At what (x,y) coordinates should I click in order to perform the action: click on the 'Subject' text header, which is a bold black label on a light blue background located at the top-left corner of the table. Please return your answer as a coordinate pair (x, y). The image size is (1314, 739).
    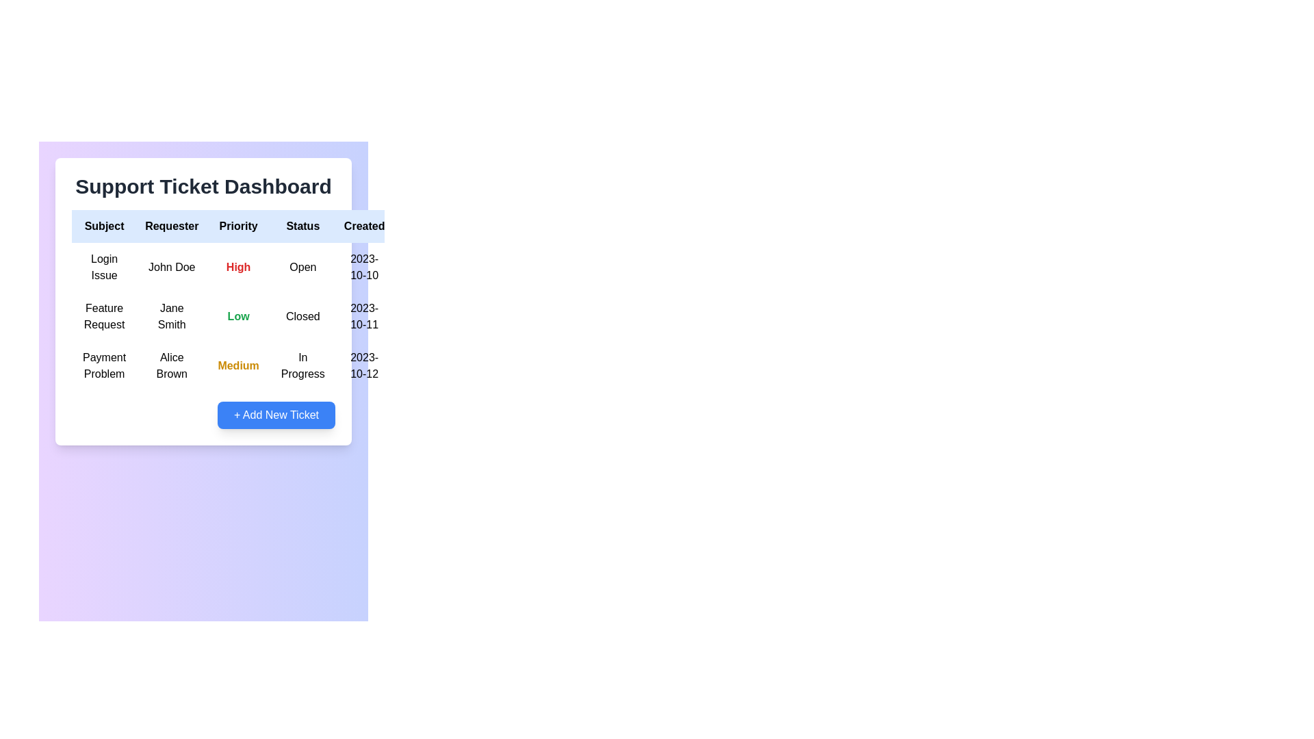
    Looking at the image, I should click on (103, 226).